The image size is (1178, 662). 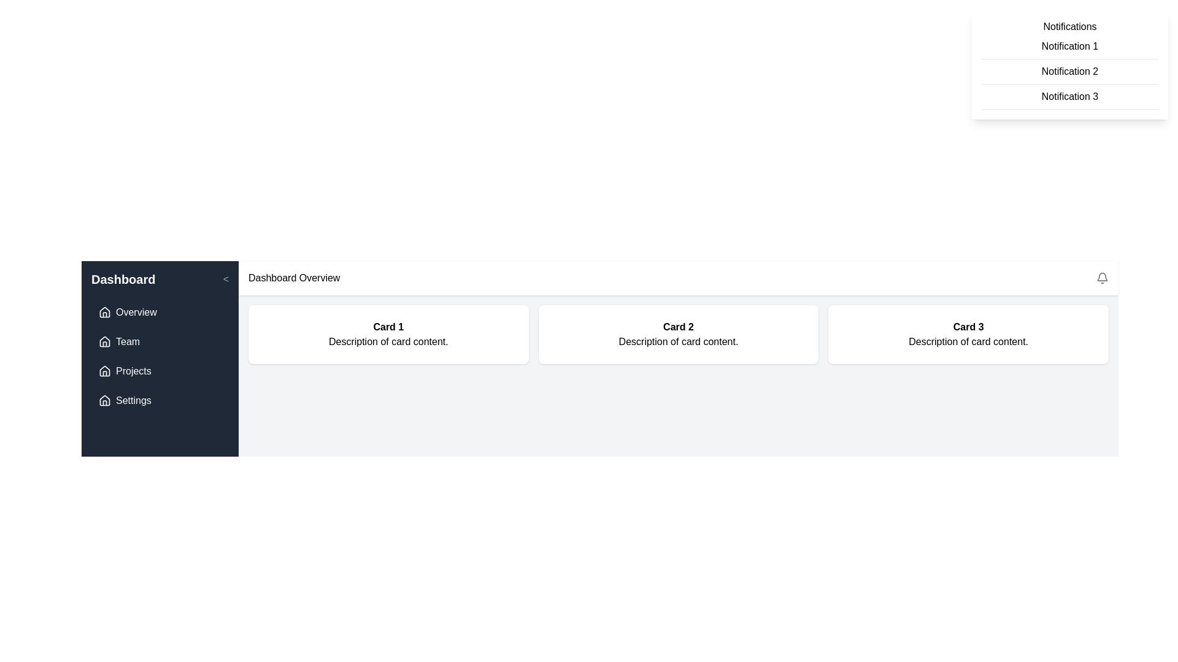 I want to click on displayed notification text from the text label showing 'Notification 1', which is the first item in a list of notifications located in the top-right corner of the interface, so click(x=1069, y=46).